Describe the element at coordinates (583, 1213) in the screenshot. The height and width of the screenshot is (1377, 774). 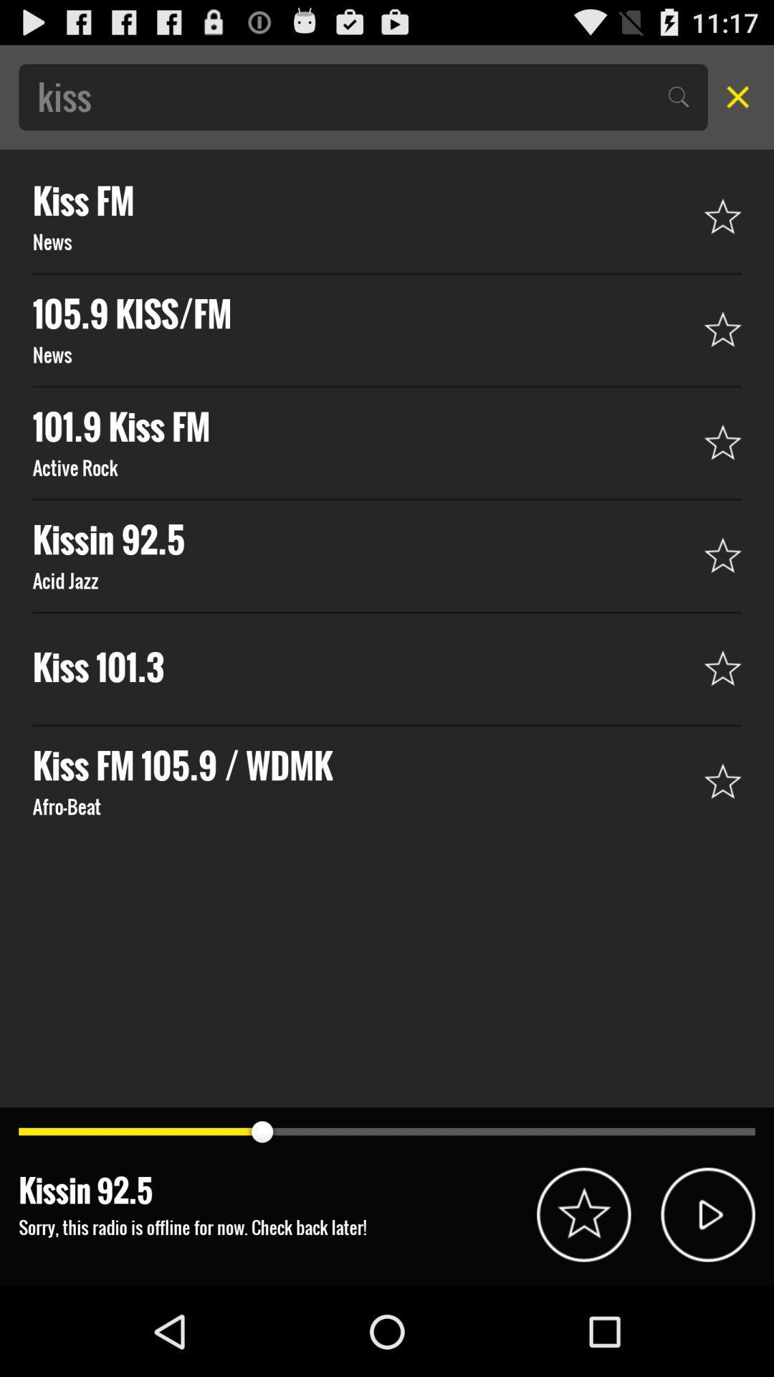
I see `star to save this option` at that location.